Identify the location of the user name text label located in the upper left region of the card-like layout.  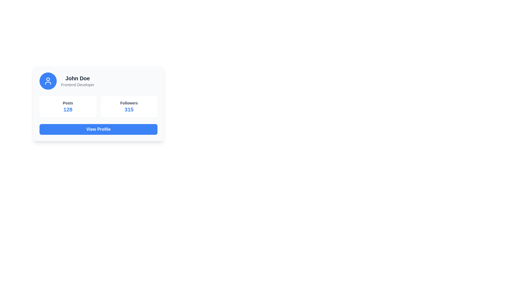
(77, 78).